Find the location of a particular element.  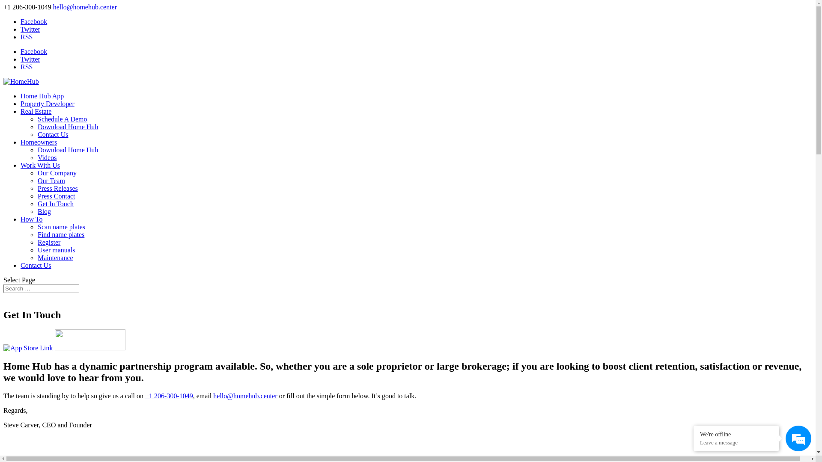

'Press Contact' is located at coordinates (56, 196).